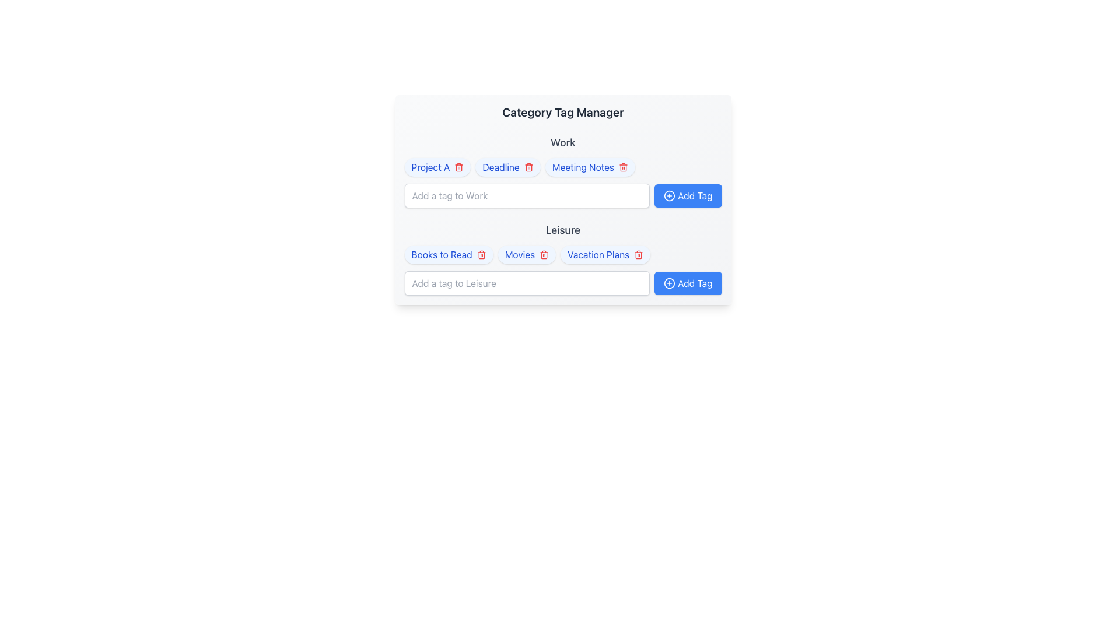  What do you see at coordinates (598, 254) in the screenshot?
I see `text content of the text label displaying 'Vacation Plans', which is styled with a blue font color and located under the 'Leisure' section` at bounding box center [598, 254].